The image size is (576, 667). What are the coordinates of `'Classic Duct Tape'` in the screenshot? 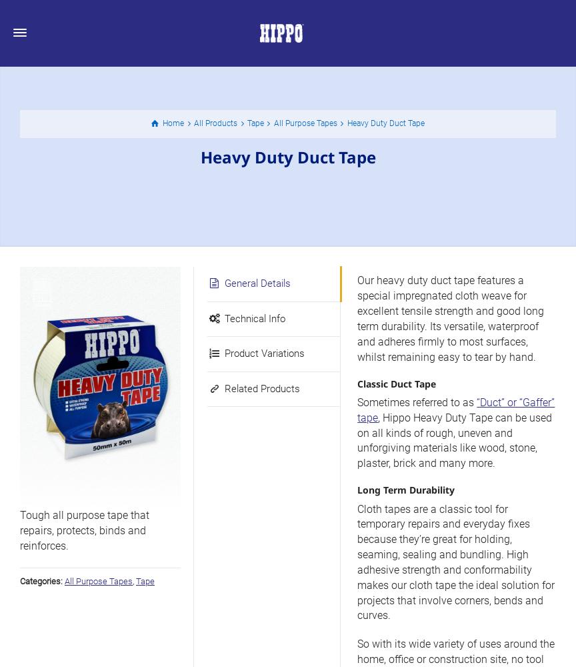 It's located at (357, 382).